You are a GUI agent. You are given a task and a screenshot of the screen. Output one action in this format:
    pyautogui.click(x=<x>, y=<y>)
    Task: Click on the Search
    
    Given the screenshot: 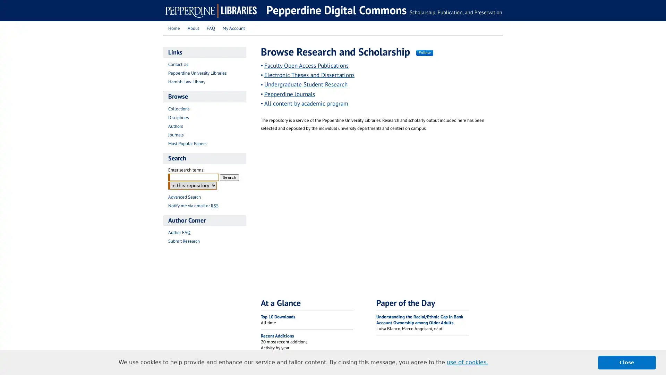 What is the action you would take?
    pyautogui.click(x=229, y=177)
    